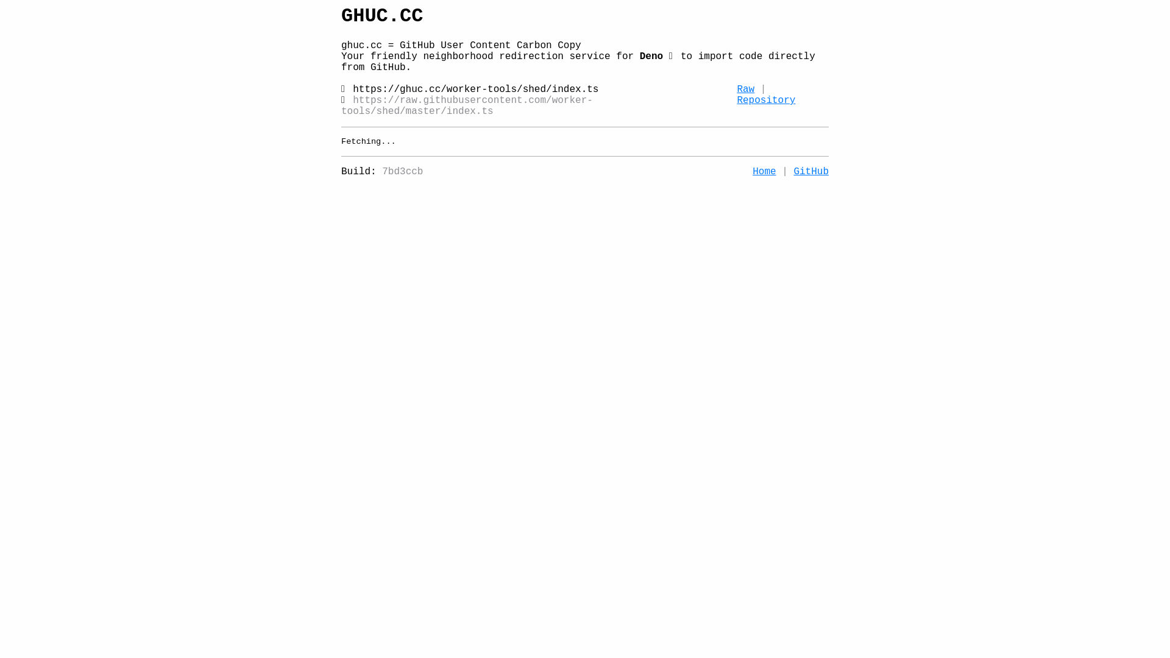 The image size is (1170, 658). Describe the element at coordinates (810, 171) in the screenshot. I see `'GitHub'` at that location.